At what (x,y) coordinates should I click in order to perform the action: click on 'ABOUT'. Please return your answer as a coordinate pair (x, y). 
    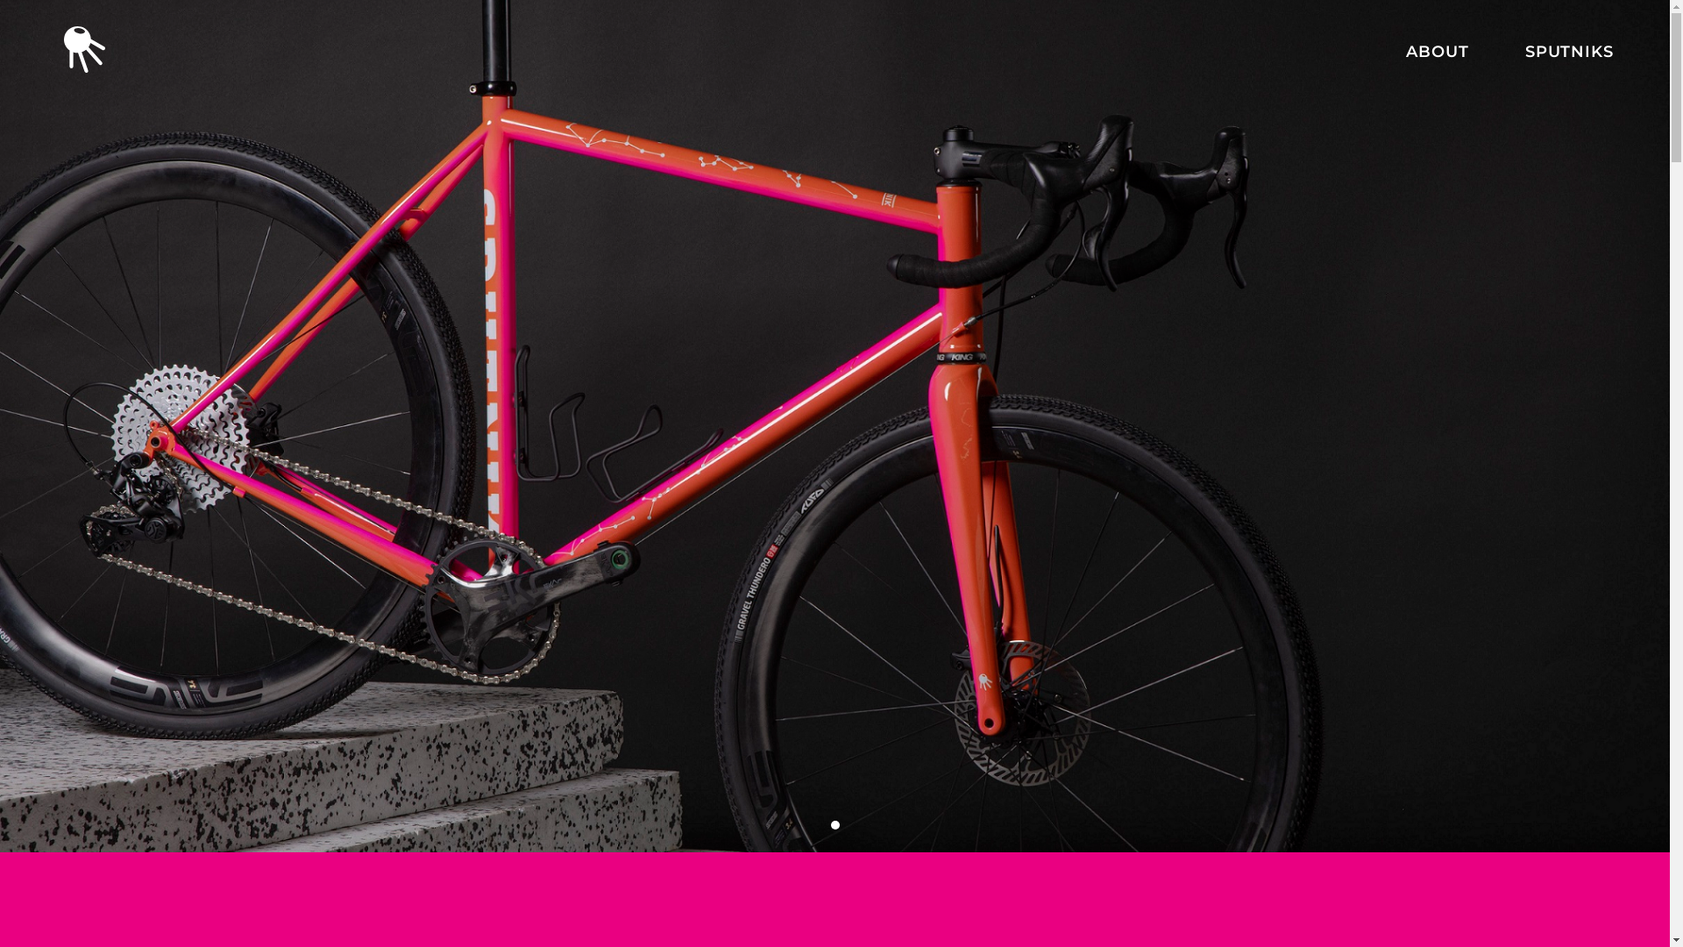
    Looking at the image, I should click on (1438, 50).